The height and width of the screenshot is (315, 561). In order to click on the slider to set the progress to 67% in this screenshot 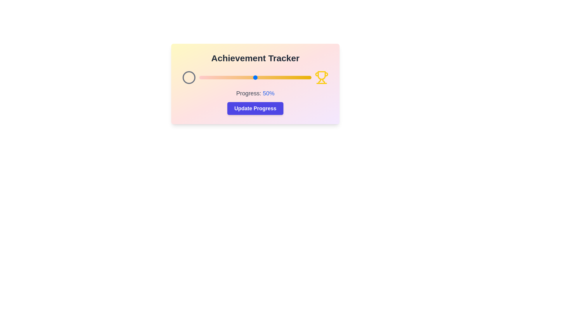, I will do `click(274, 77)`.